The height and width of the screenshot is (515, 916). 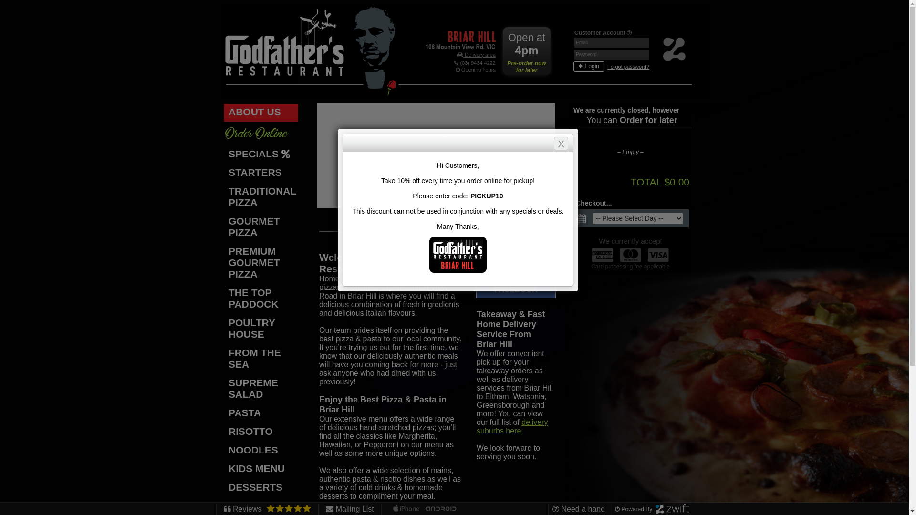 I want to click on 'FACEBOOK', so click(x=515, y=289).